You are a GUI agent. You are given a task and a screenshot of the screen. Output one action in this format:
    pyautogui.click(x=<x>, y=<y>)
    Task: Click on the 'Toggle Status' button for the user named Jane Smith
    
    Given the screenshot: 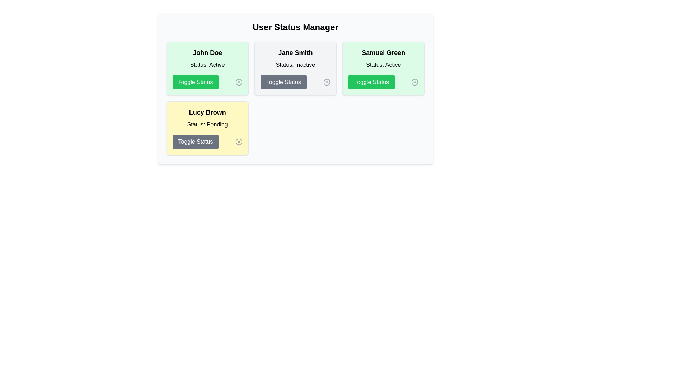 What is the action you would take?
    pyautogui.click(x=283, y=82)
    